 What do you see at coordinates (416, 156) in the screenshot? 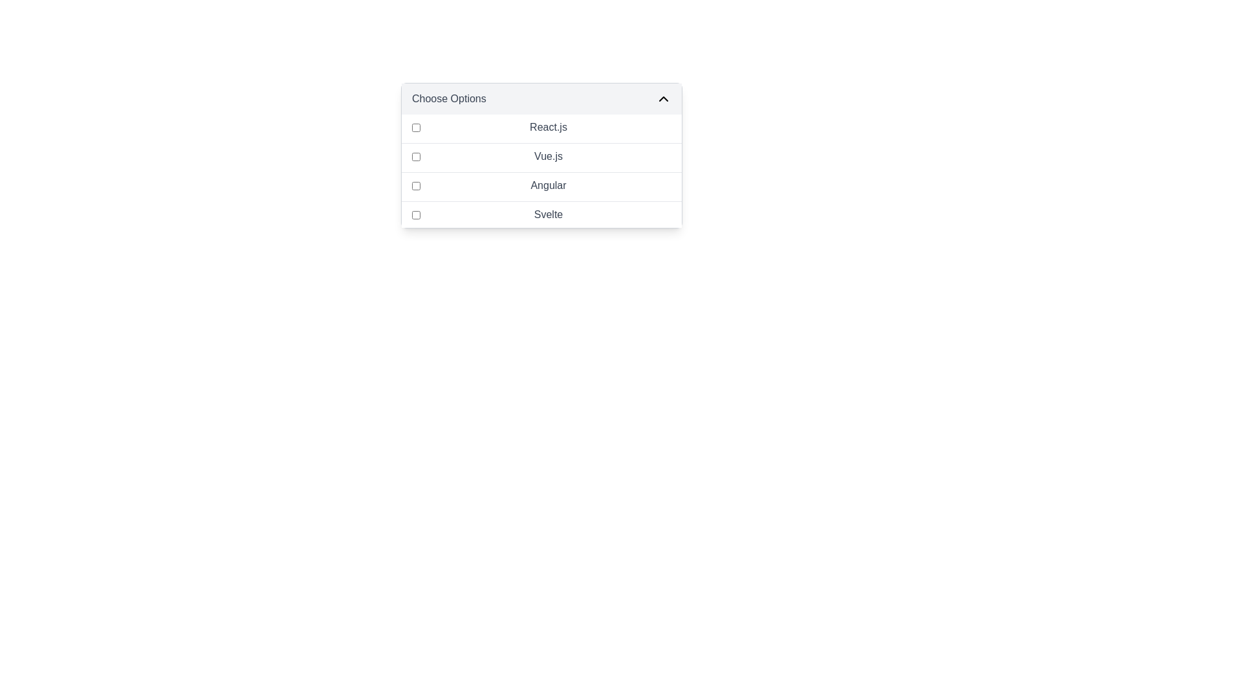
I see `the checkbox located to the left of the text 'Vue.js' in the second row of the dropdown menu` at bounding box center [416, 156].